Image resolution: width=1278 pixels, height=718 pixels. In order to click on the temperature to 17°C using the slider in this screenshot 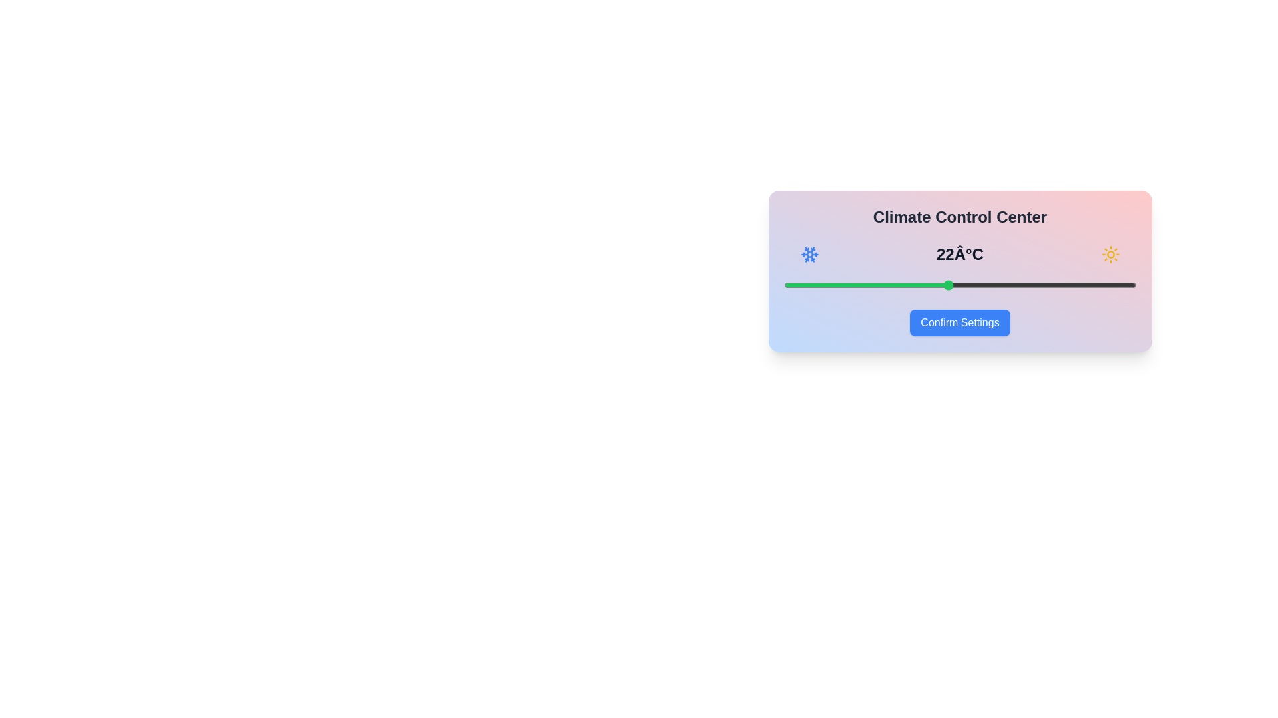, I will do `click(830, 284)`.